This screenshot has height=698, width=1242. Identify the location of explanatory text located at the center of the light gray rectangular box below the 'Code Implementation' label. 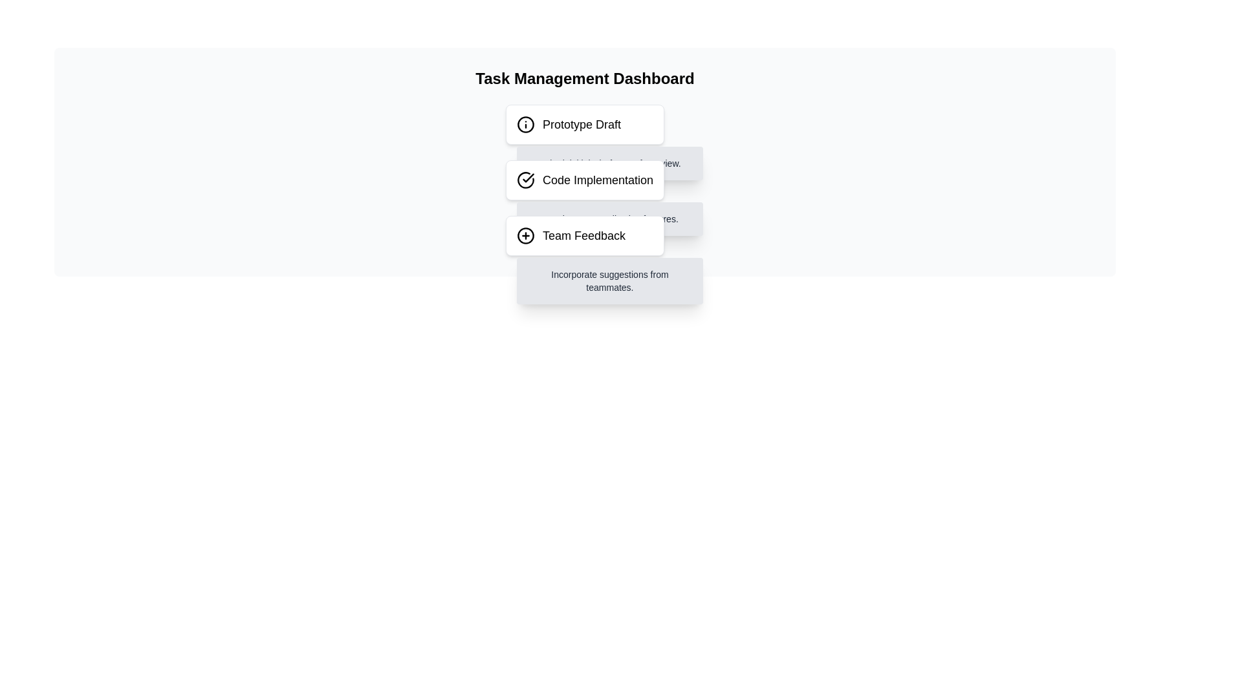
(609, 218).